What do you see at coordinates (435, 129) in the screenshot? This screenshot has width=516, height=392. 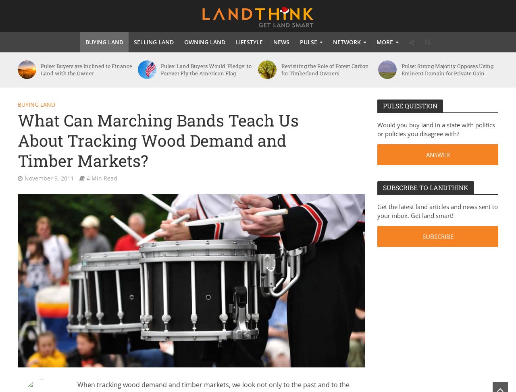 I see `'Would you buy land in a state with politics or policies you disagree with?'` at bounding box center [435, 129].